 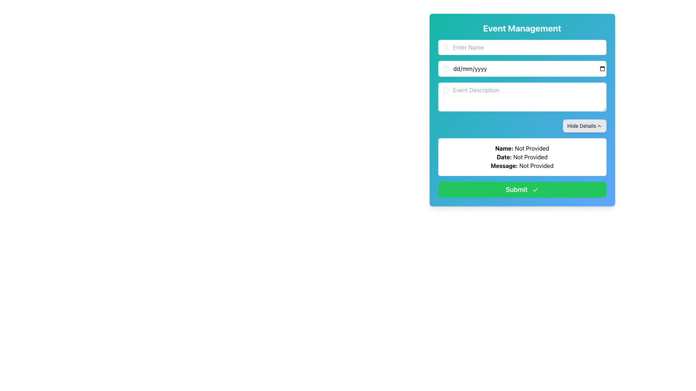 I want to click on the static text label displaying 'Message:' which is styled in bold black font and located in the bottom section of the form above the 'Submit' button, so click(x=504, y=166).